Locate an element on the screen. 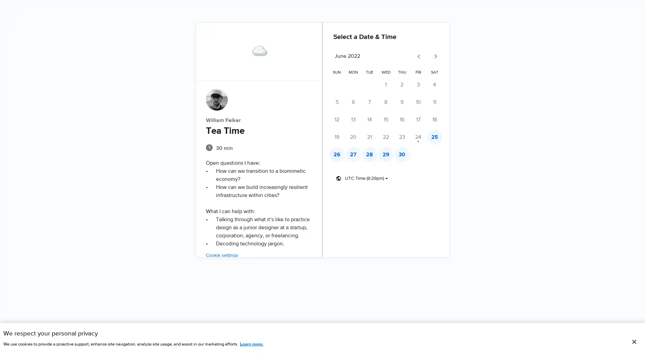  Wednesday, June 29 - Times available is located at coordinates (389, 154).